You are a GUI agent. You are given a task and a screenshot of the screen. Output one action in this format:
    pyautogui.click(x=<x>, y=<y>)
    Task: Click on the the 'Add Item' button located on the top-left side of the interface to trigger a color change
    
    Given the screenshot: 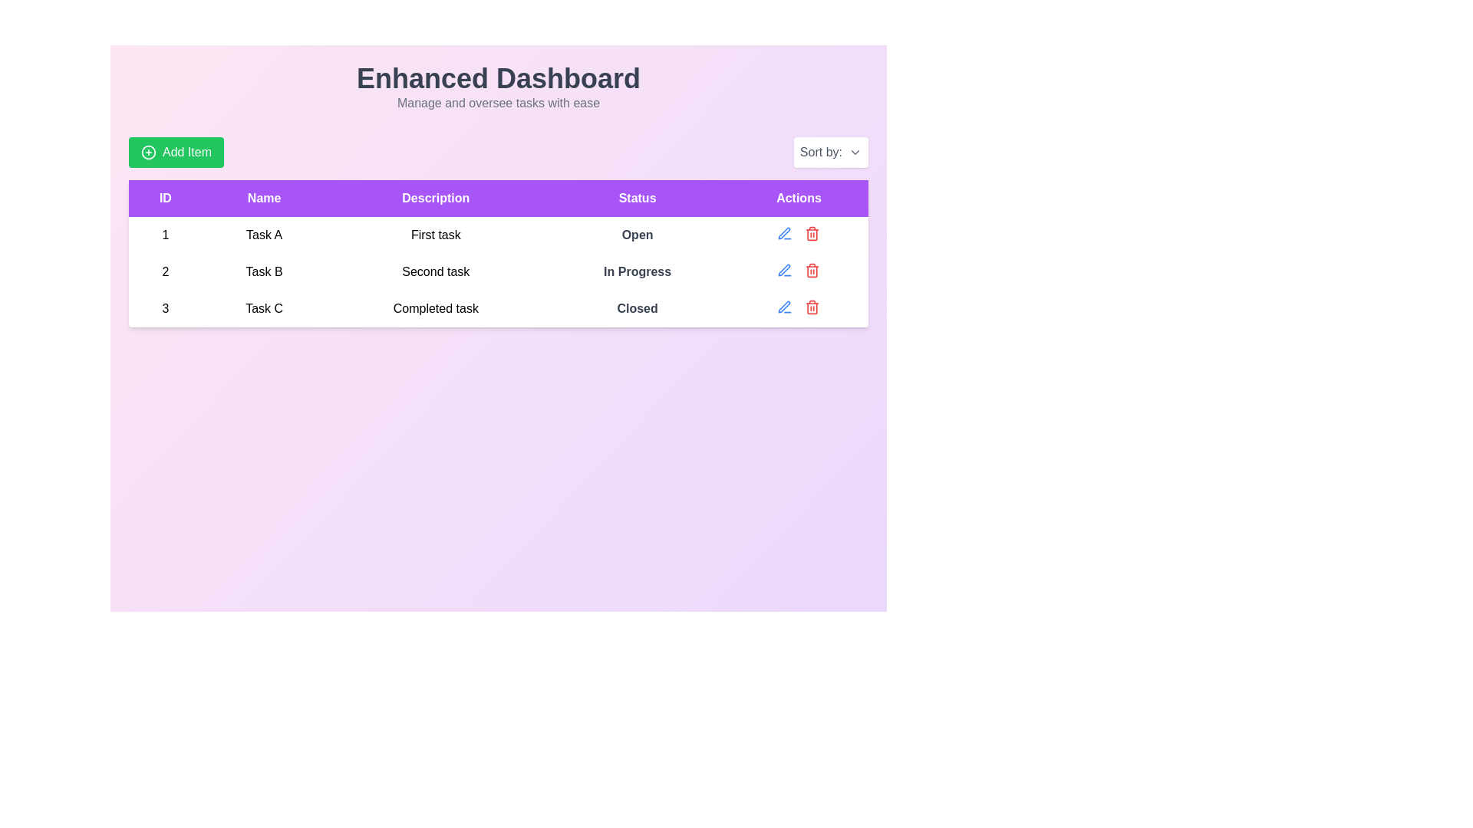 What is the action you would take?
    pyautogui.click(x=176, y=153)
    